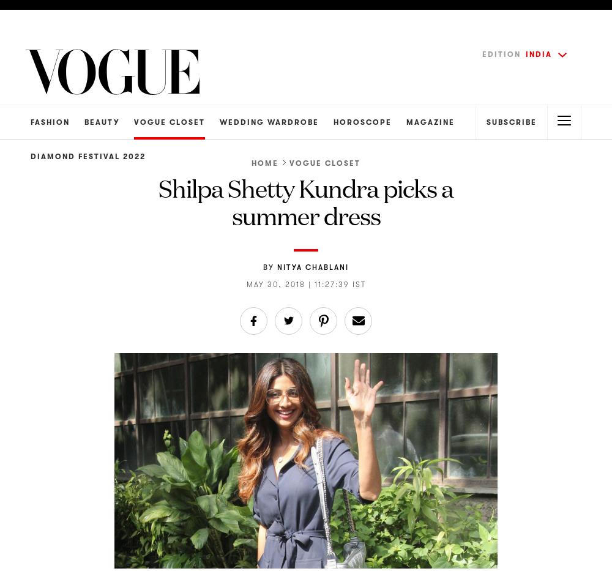  Describe the element at coordinates (31, 155) in the screenshot. I see `'DIAMOND FESTIVAL 2022'` at that location.